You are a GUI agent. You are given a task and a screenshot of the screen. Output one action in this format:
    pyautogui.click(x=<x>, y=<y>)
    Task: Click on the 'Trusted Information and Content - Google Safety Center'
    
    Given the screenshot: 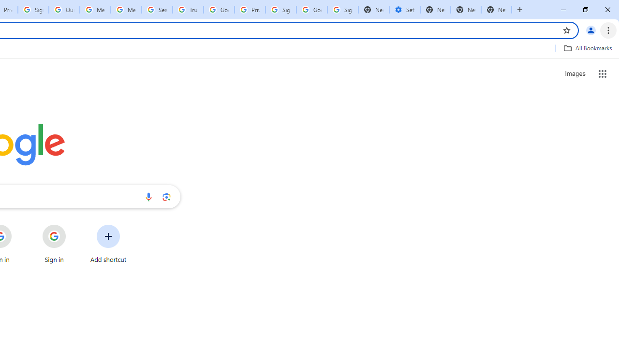 What is the action you would take?
    pyautogui.click(x=188, y=10)
    